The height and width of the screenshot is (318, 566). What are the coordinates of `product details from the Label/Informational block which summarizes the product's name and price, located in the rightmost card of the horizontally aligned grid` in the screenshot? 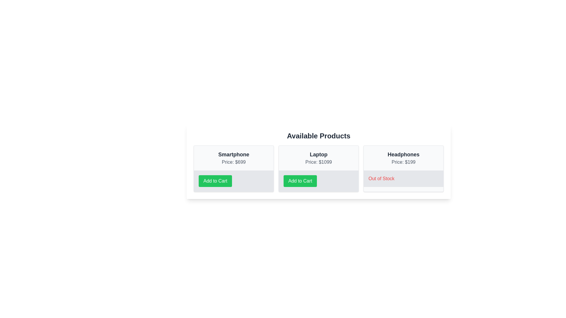 It's located at (403, 158).